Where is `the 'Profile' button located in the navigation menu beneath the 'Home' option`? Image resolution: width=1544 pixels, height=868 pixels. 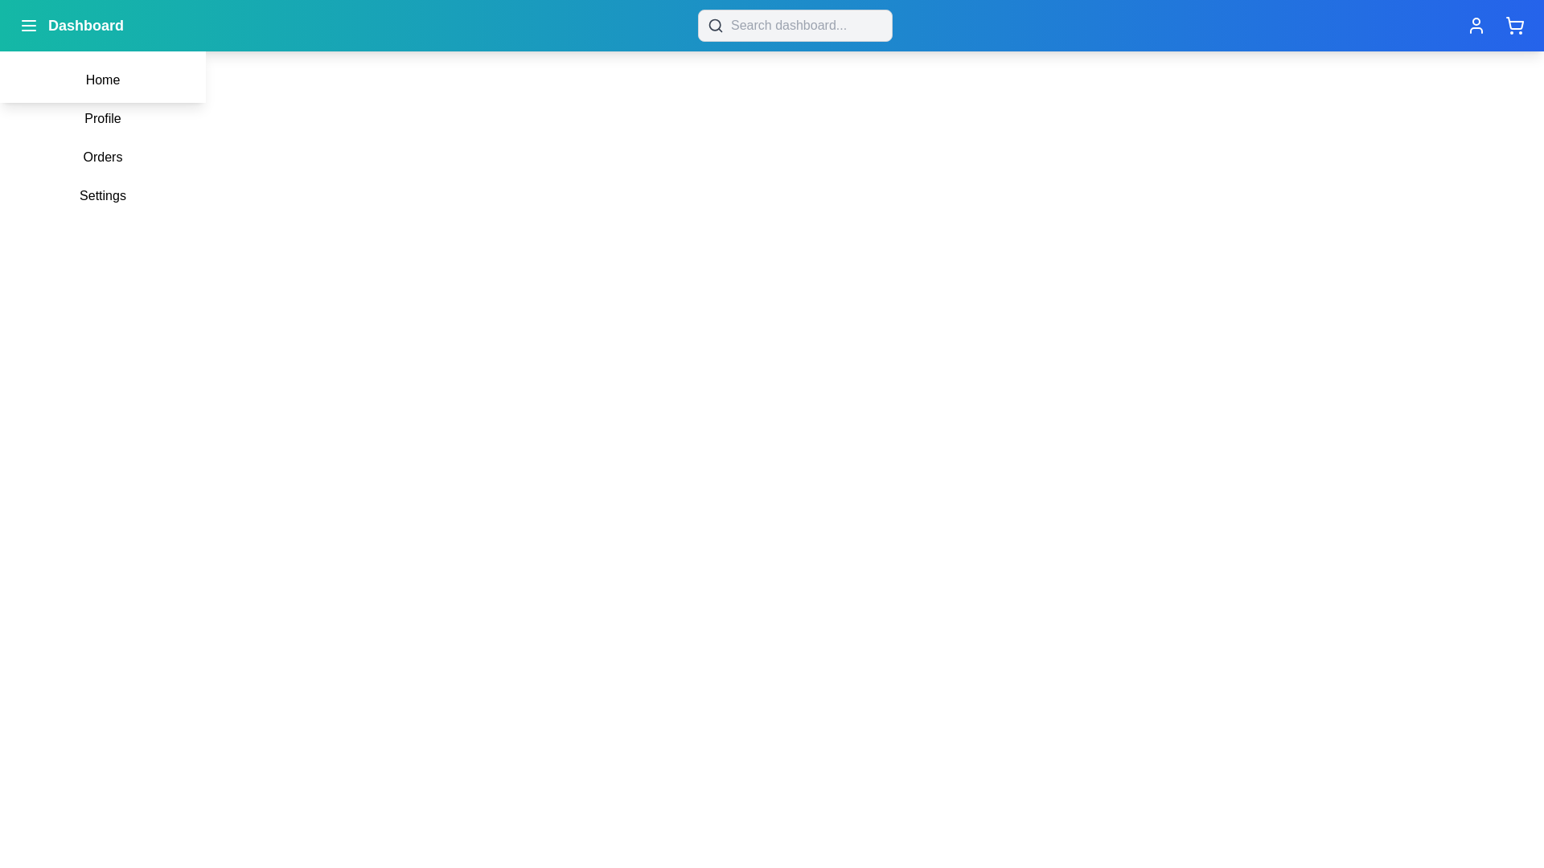 the 'Profile' button located in the navigation menu beneath the 'Home' option is located at coordinates (102, 117).